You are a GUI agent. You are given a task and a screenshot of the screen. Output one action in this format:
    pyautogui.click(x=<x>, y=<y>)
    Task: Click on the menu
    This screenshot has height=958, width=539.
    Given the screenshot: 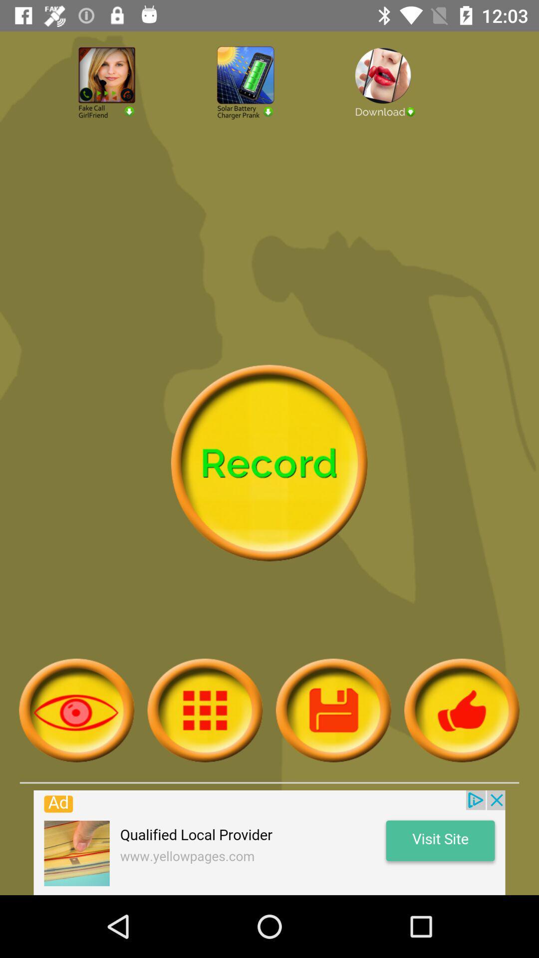 What is the action you would take?
    pyautogui.click(x=205, y=710)
    